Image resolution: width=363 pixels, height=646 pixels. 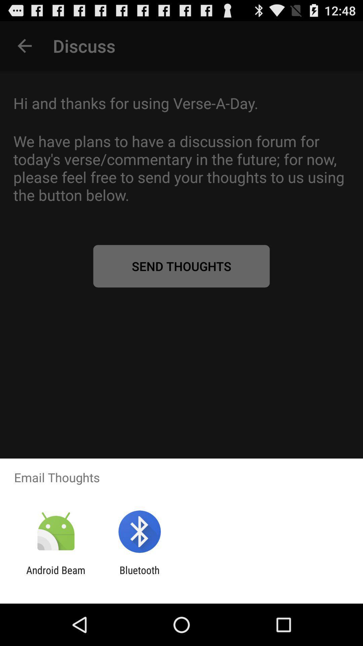 What do you see at coordinates (139, 576) in the screenshot?
I see `the app to the right of android beam item` at bounding box center [139, 576].